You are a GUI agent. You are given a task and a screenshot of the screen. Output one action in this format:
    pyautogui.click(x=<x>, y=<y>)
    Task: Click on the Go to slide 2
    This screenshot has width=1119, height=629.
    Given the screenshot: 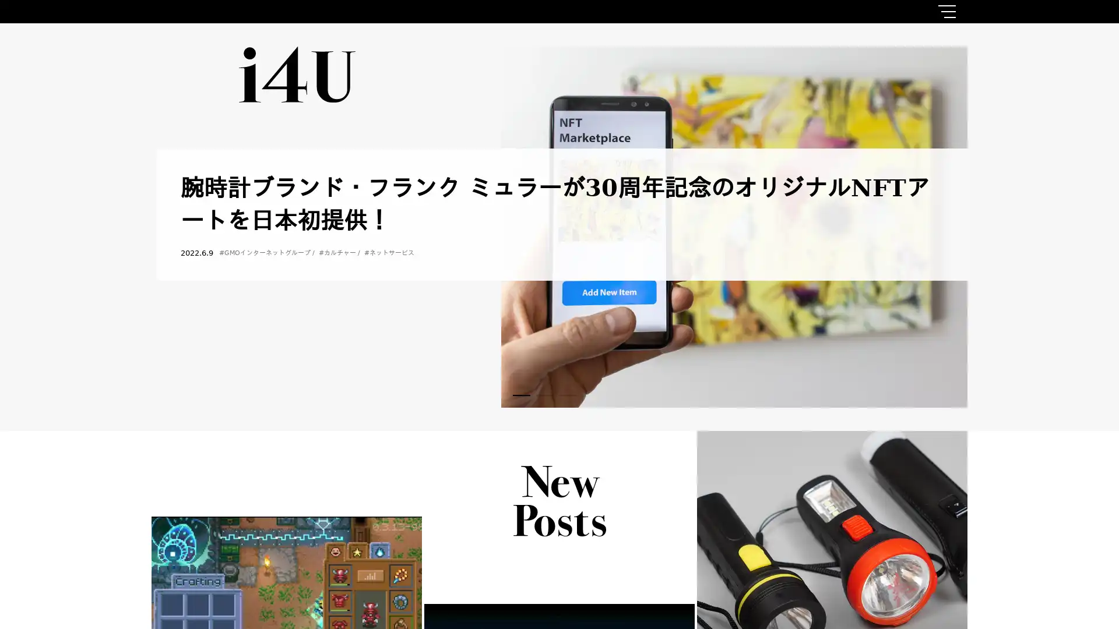 What is the action you would take?
    pyautogui.click(x=544, y=394)
    